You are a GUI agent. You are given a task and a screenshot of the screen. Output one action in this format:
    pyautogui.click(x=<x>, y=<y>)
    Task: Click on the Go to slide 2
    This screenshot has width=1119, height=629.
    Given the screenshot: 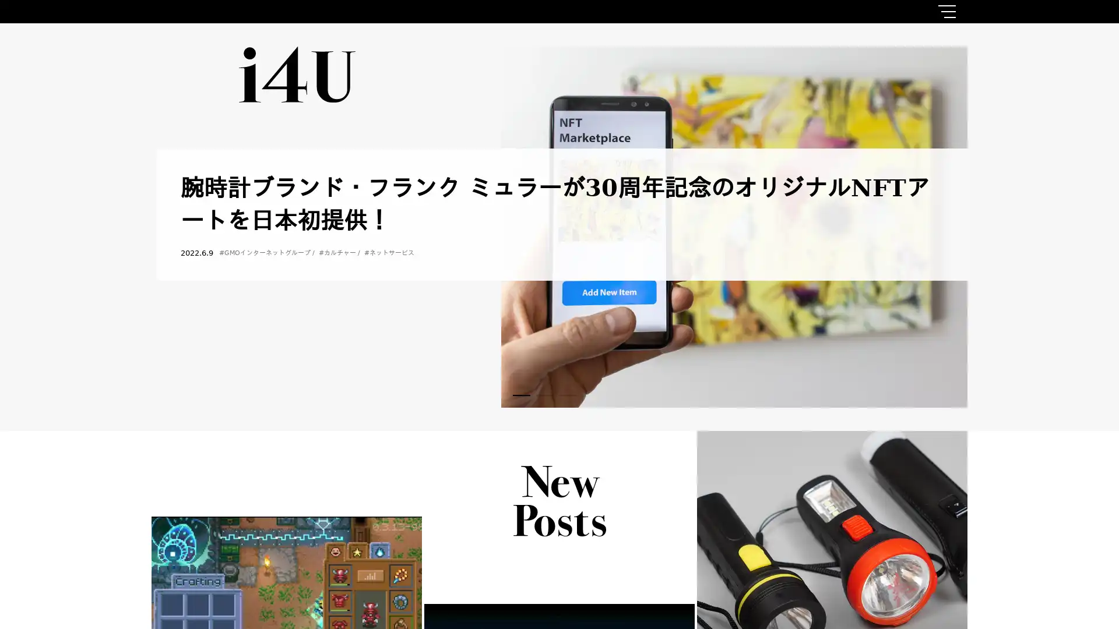 What is the action you would take?
    pyautogui.click(x=544, y=394)
    